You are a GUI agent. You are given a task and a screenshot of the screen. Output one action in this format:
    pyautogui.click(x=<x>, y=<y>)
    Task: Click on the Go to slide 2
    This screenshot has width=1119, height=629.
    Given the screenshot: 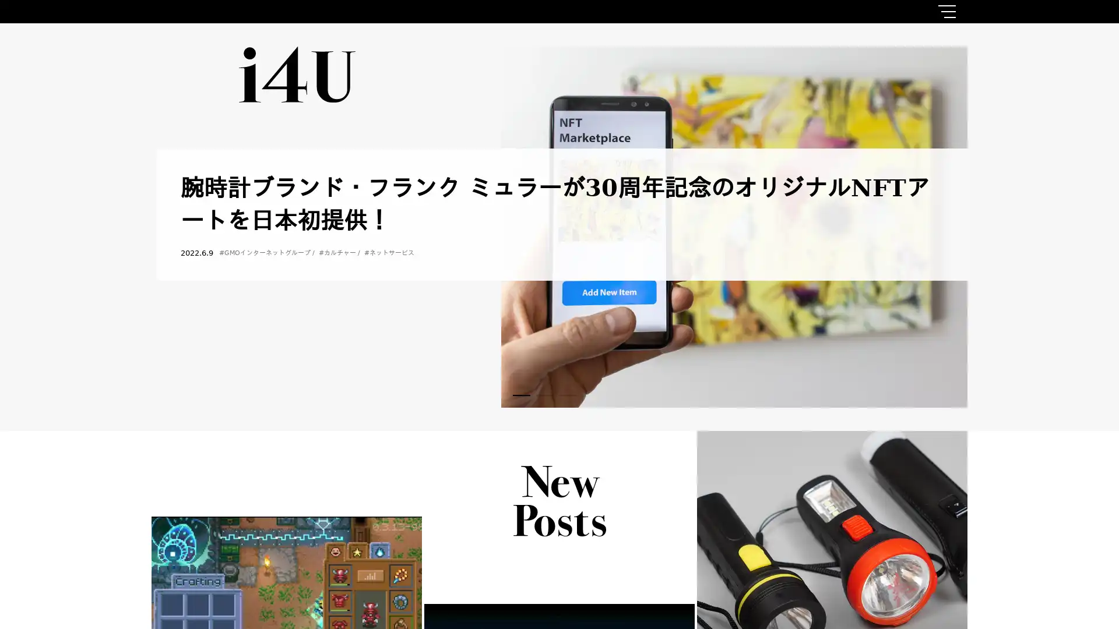 What is the action you would take?
    pyautogui.click(x=544, y=394)
    